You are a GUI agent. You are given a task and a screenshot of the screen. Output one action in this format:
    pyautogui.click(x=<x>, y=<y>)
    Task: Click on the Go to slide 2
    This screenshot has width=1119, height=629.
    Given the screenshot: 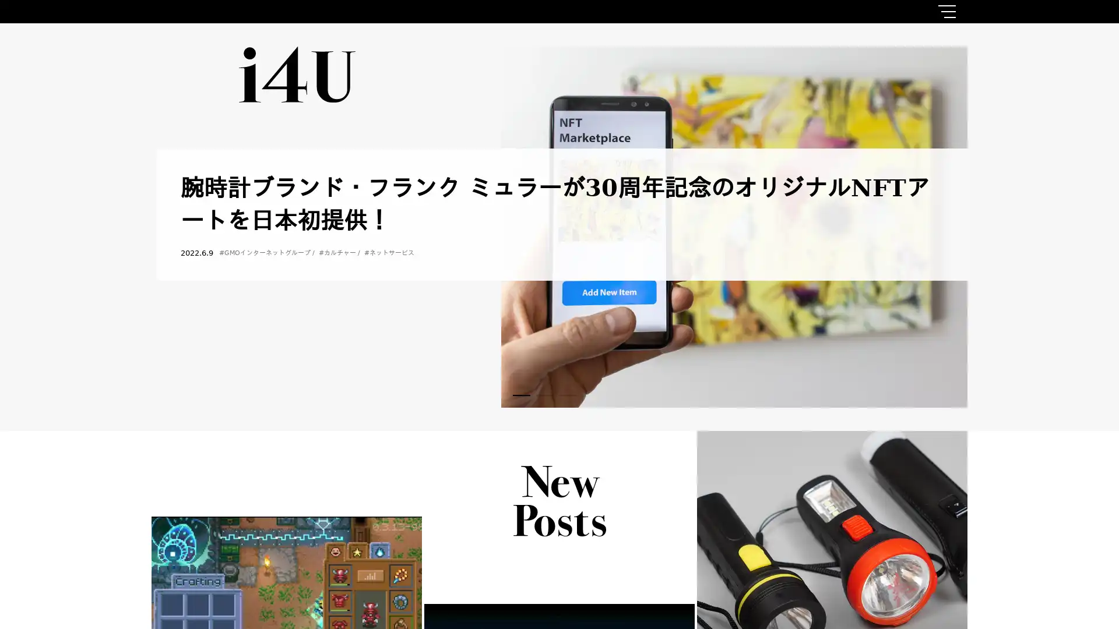 What is the action you would take?
    pyautogui.click(x=544, y=394)
    